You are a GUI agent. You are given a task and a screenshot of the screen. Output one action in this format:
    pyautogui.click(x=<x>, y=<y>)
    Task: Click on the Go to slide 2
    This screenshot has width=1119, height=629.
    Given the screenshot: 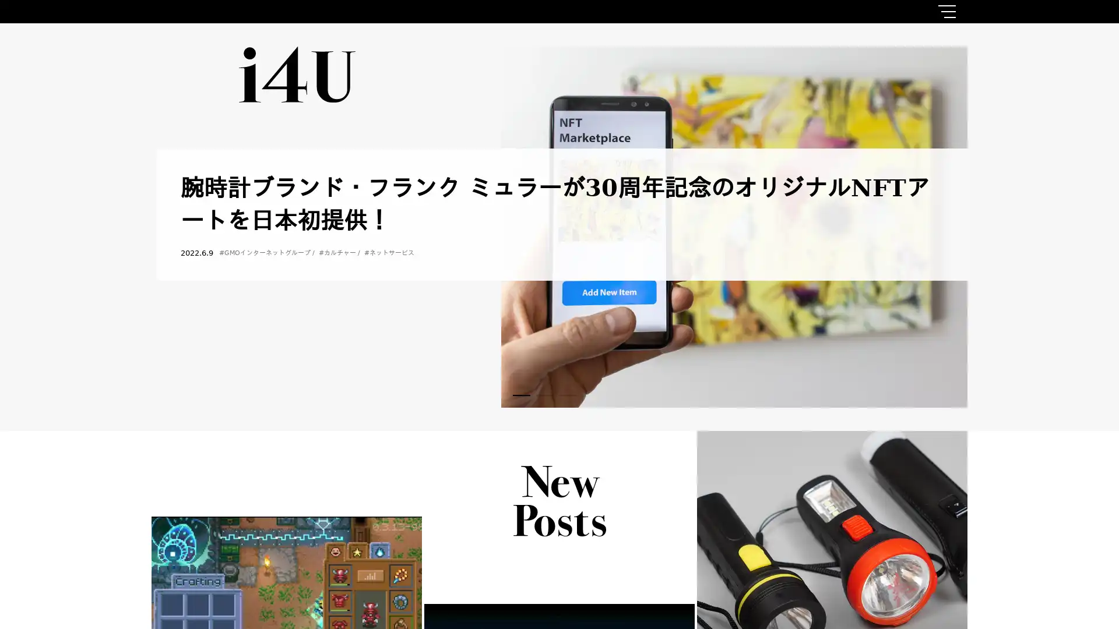 What is the action you would take?
    pyautogui.click(x=544, y=394)
    